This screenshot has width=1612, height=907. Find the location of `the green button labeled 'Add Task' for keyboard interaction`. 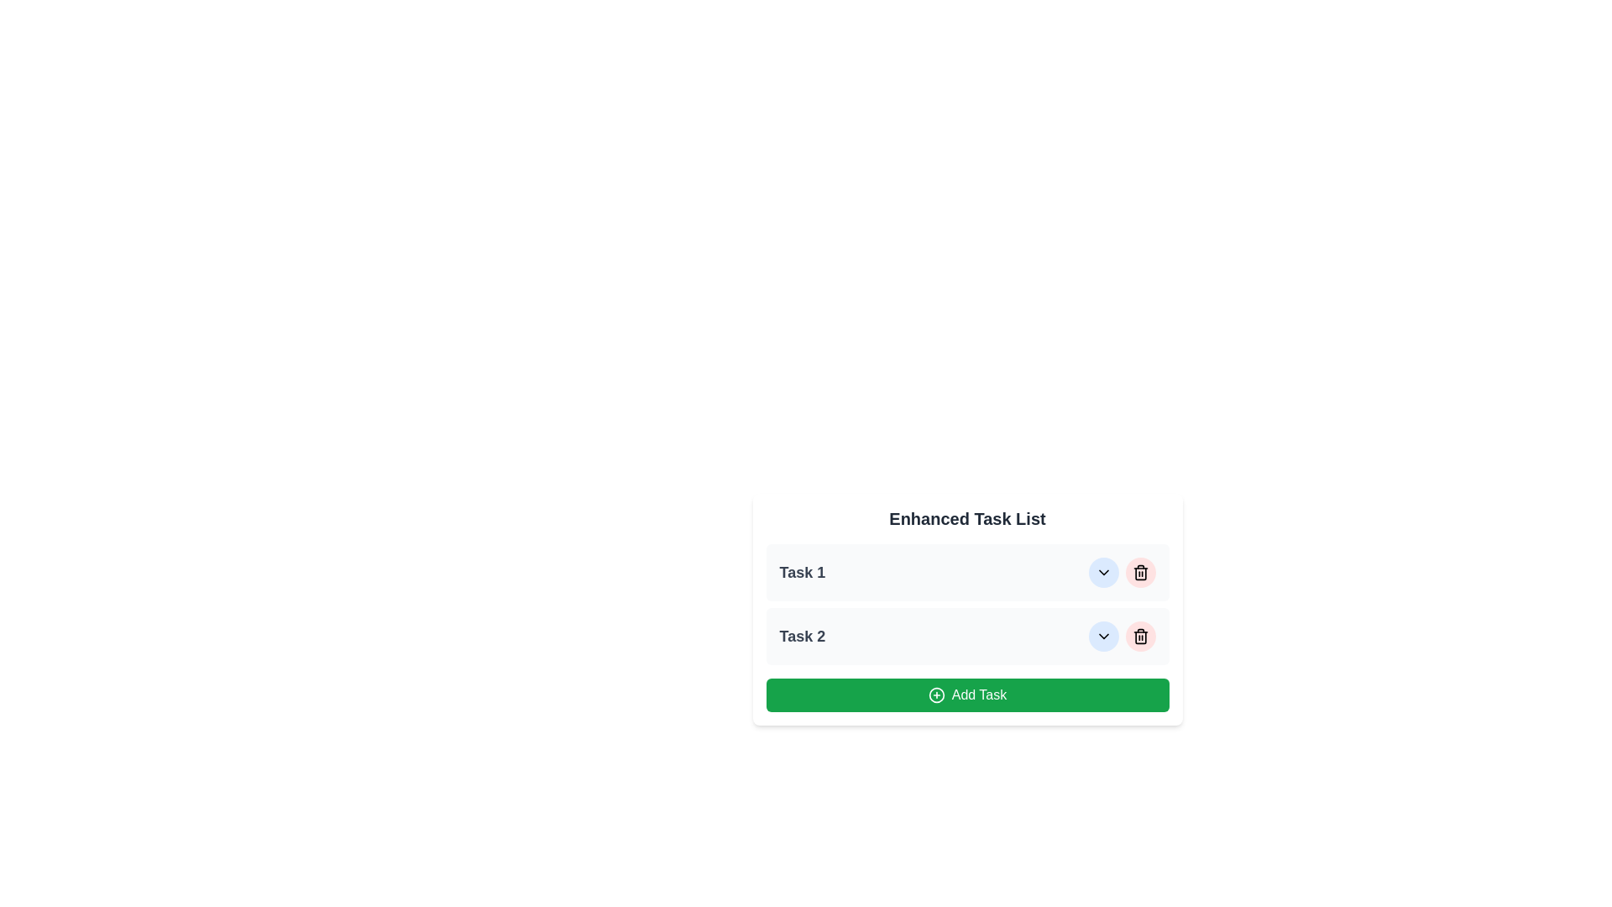

the green button labeled 'Add Task' for keyboard interaction is located at coordinates (967, 695).